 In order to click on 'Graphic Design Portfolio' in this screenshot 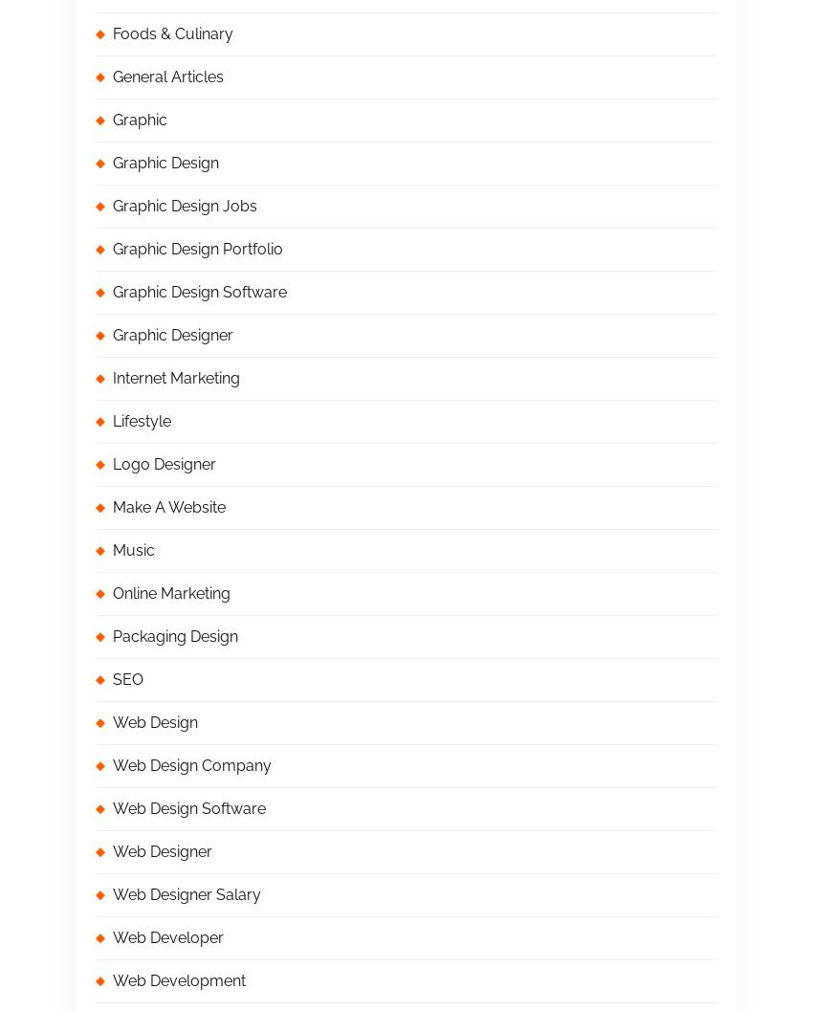, I will do `click(196, 248)`.